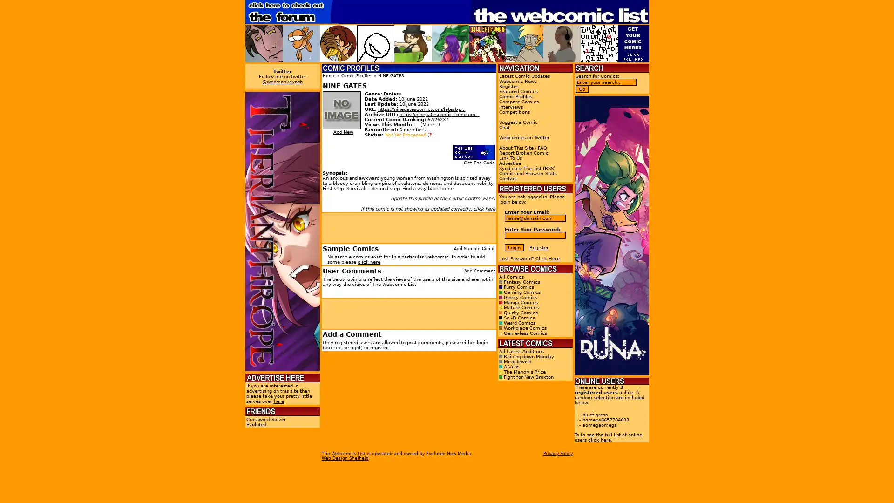  Describe the element at coordinates (581, 89) in the screenshot. I see `Go` at that location.